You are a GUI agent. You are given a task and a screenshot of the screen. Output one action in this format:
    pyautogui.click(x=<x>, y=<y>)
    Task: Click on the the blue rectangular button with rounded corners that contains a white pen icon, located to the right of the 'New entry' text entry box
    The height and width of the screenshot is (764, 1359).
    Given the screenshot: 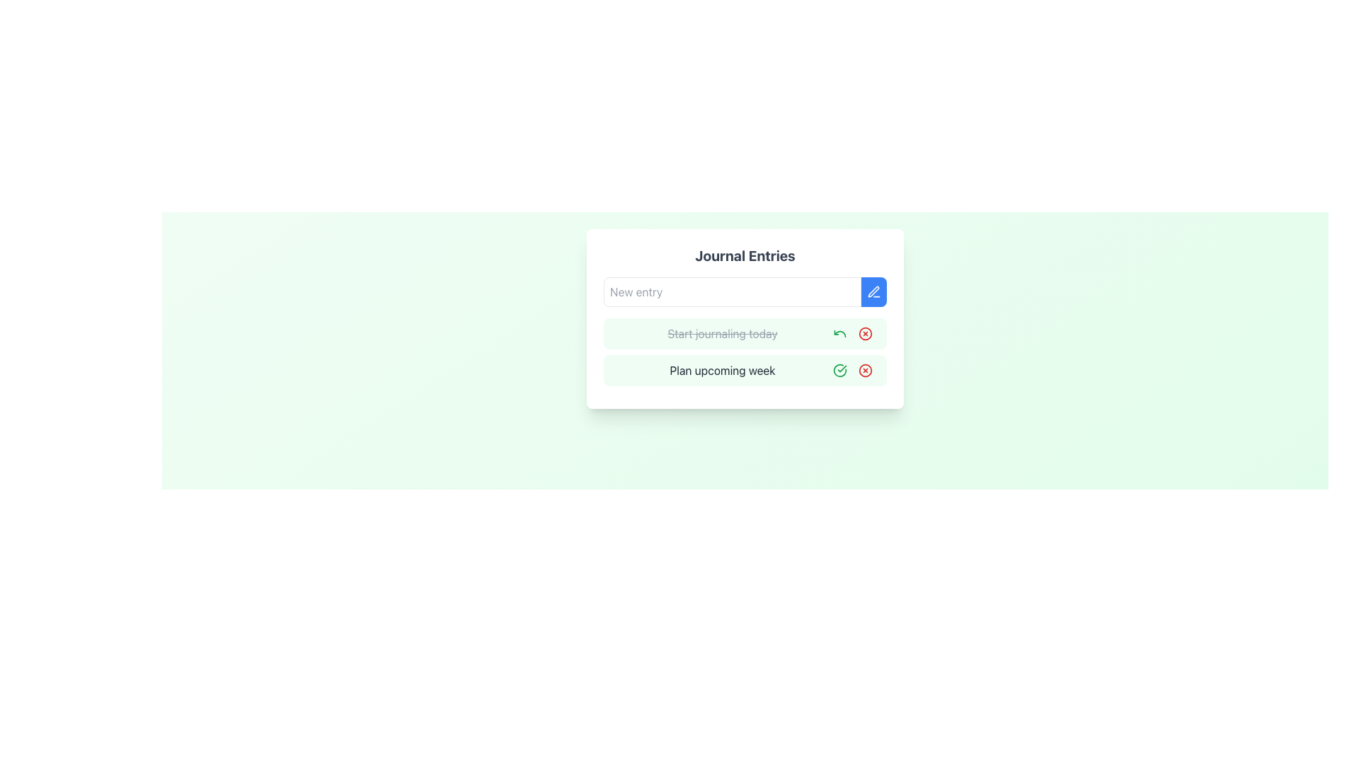 What is the action you would take?
    pyautogui.click(x=873, y=291)
    